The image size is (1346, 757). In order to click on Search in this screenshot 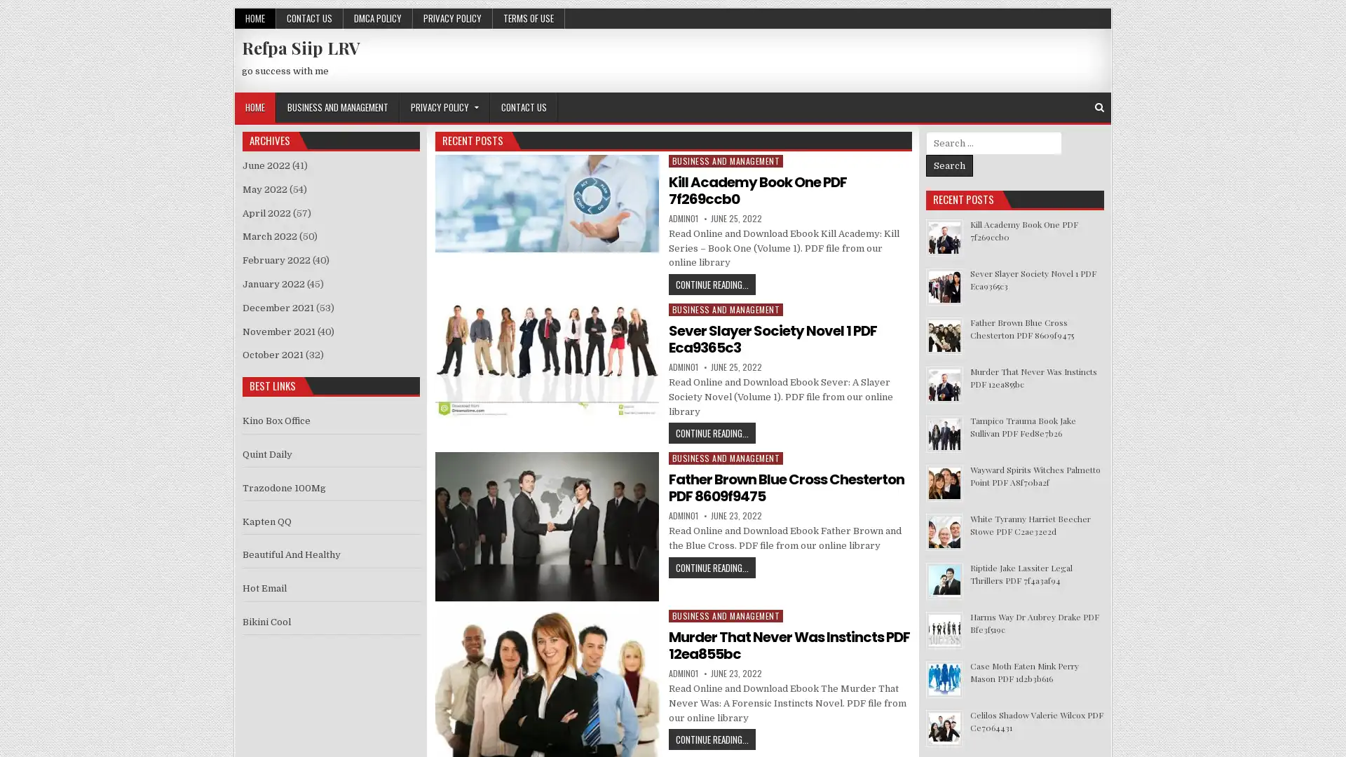, I will do `click(949, 165)`.